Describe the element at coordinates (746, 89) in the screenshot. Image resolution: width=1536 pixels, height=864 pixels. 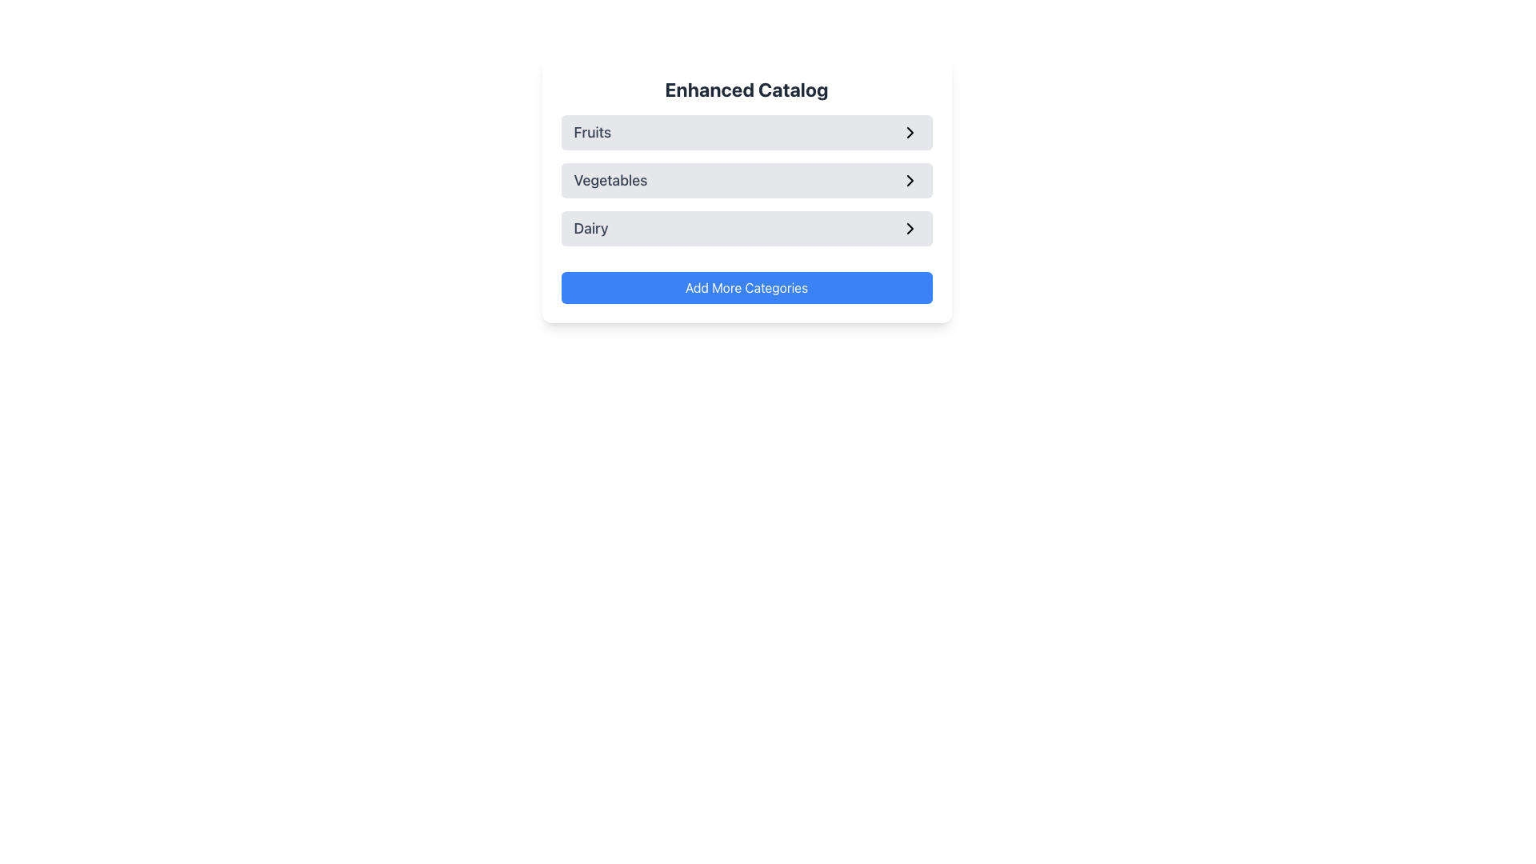
I see `the large bold title text labeled 'Enhanced Catalog' located at the top-center of the interface, just above the category buttons` at that location.